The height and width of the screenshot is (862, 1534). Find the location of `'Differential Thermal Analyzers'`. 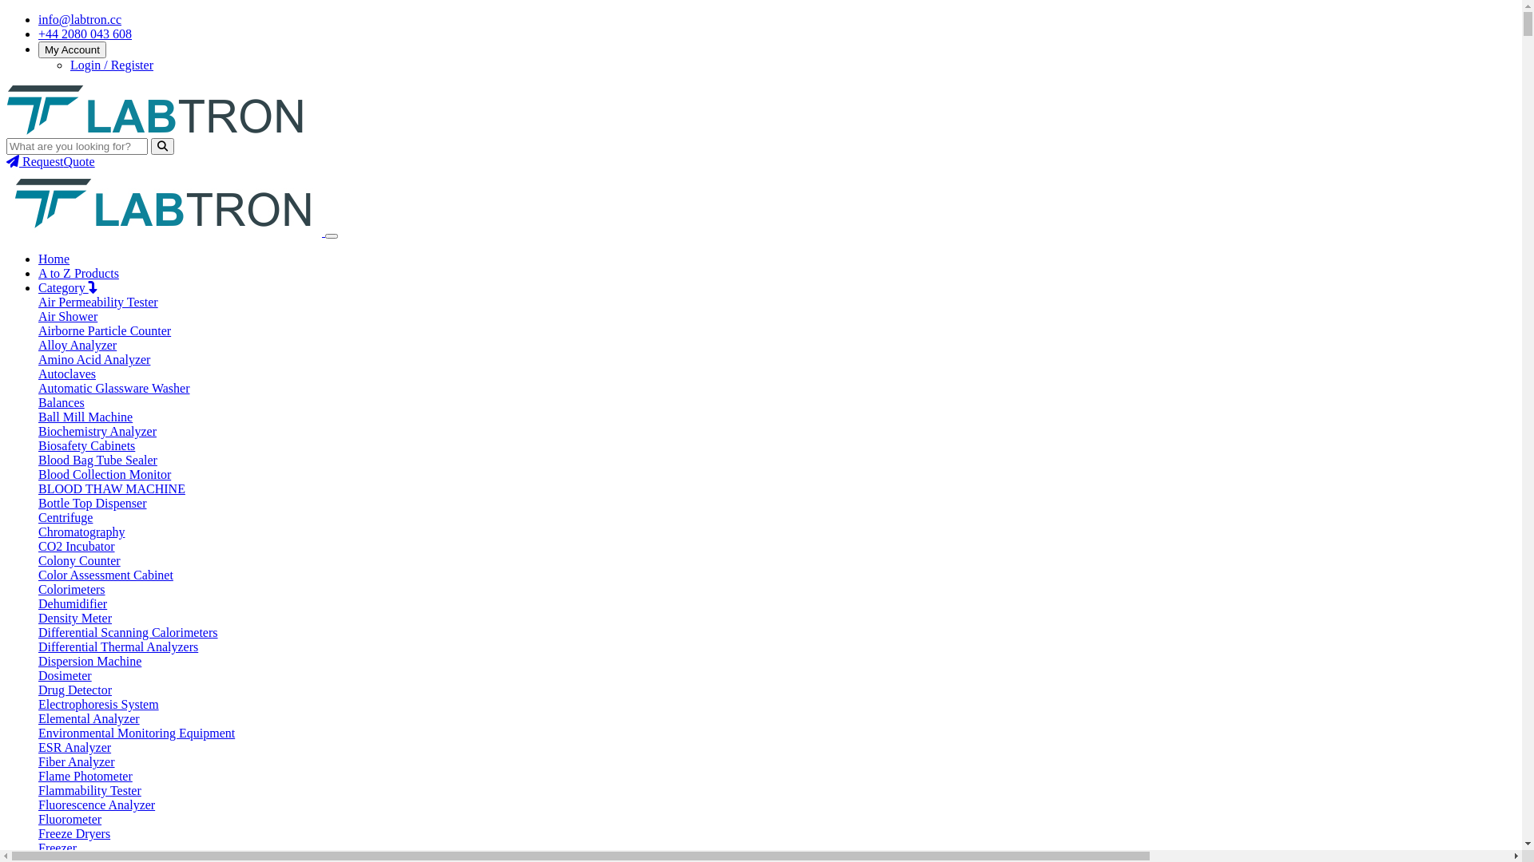

'Differential Thermal Analyzers' is located at coordinates (117, 646).